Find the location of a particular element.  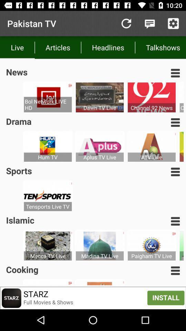

settings option is located at coordinates (173, 23).